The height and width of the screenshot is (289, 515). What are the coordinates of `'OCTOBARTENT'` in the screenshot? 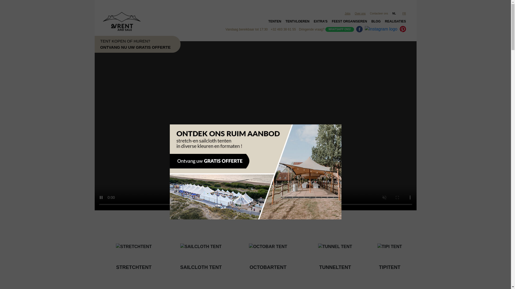 It's located at (268, 251).